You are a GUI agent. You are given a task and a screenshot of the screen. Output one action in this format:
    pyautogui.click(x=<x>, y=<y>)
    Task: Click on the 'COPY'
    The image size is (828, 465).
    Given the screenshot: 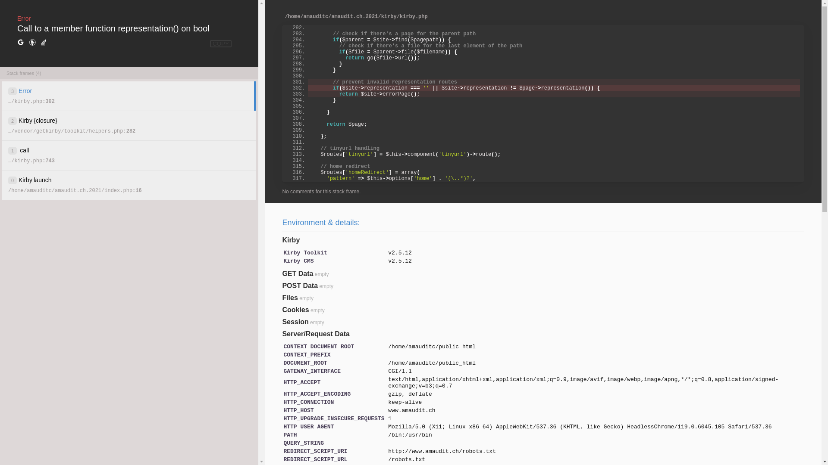 What is the action you would take?
    pyautogui.click(x=221, y=43)
    